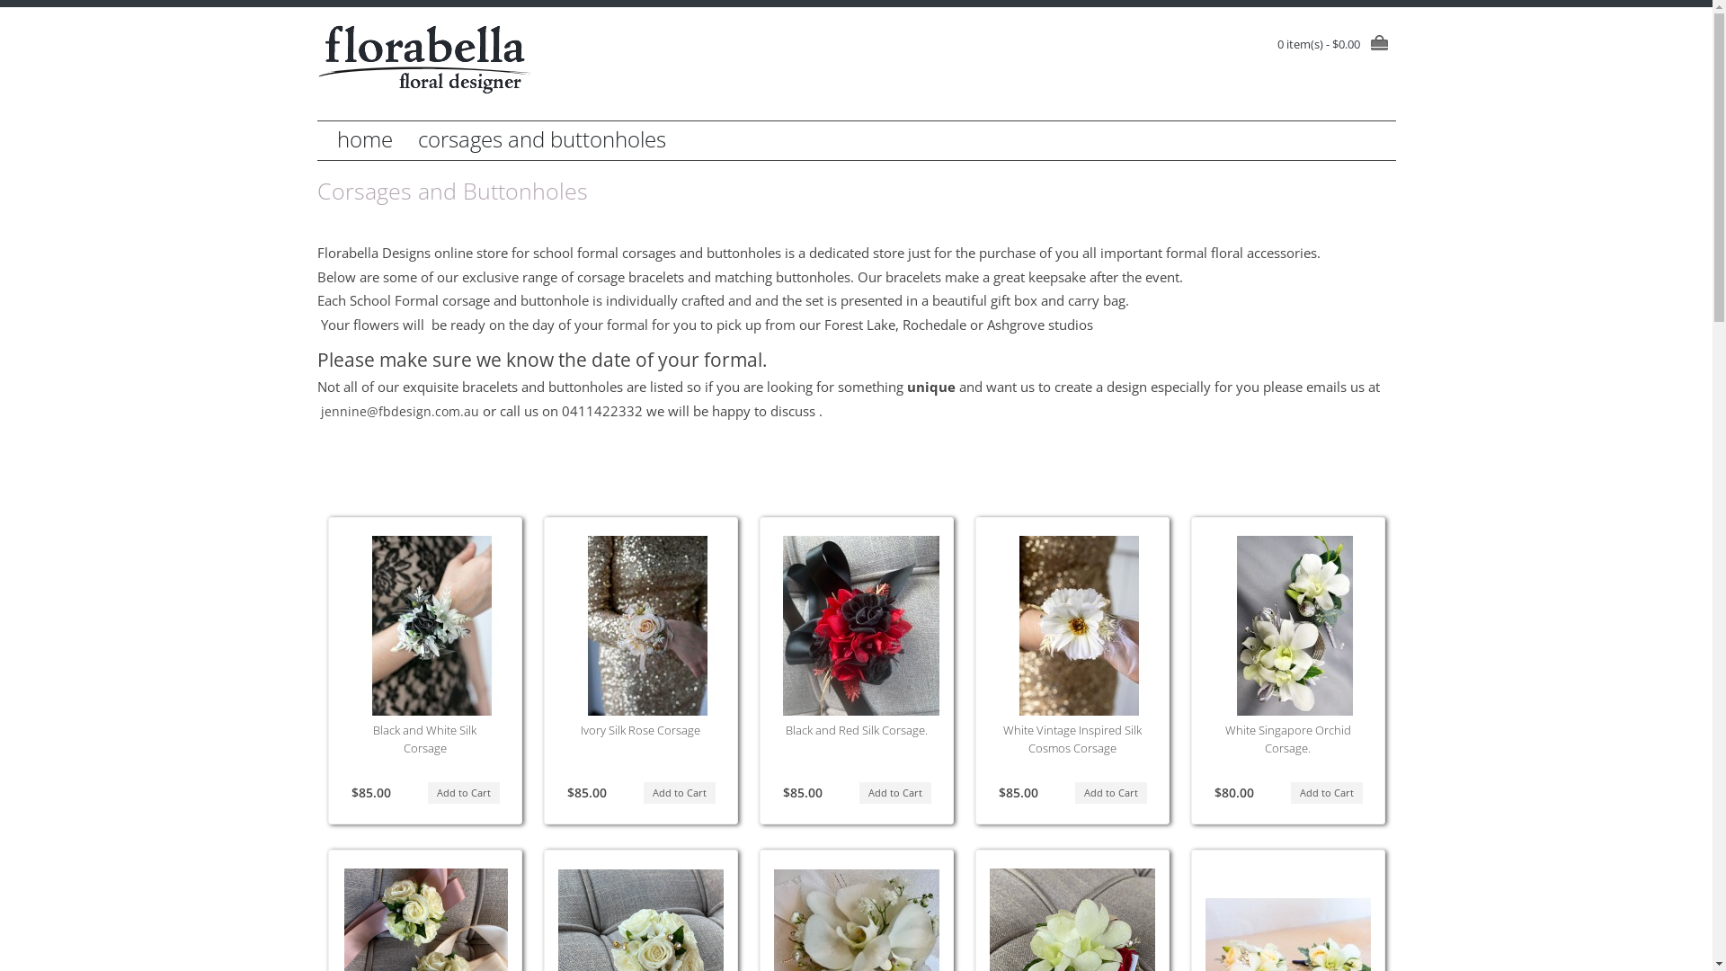  What do you see at coordinates (396, 411) in the screenshot?
I see `' jennine@fbdesign.com.au'` at bounding box center [396, 411].